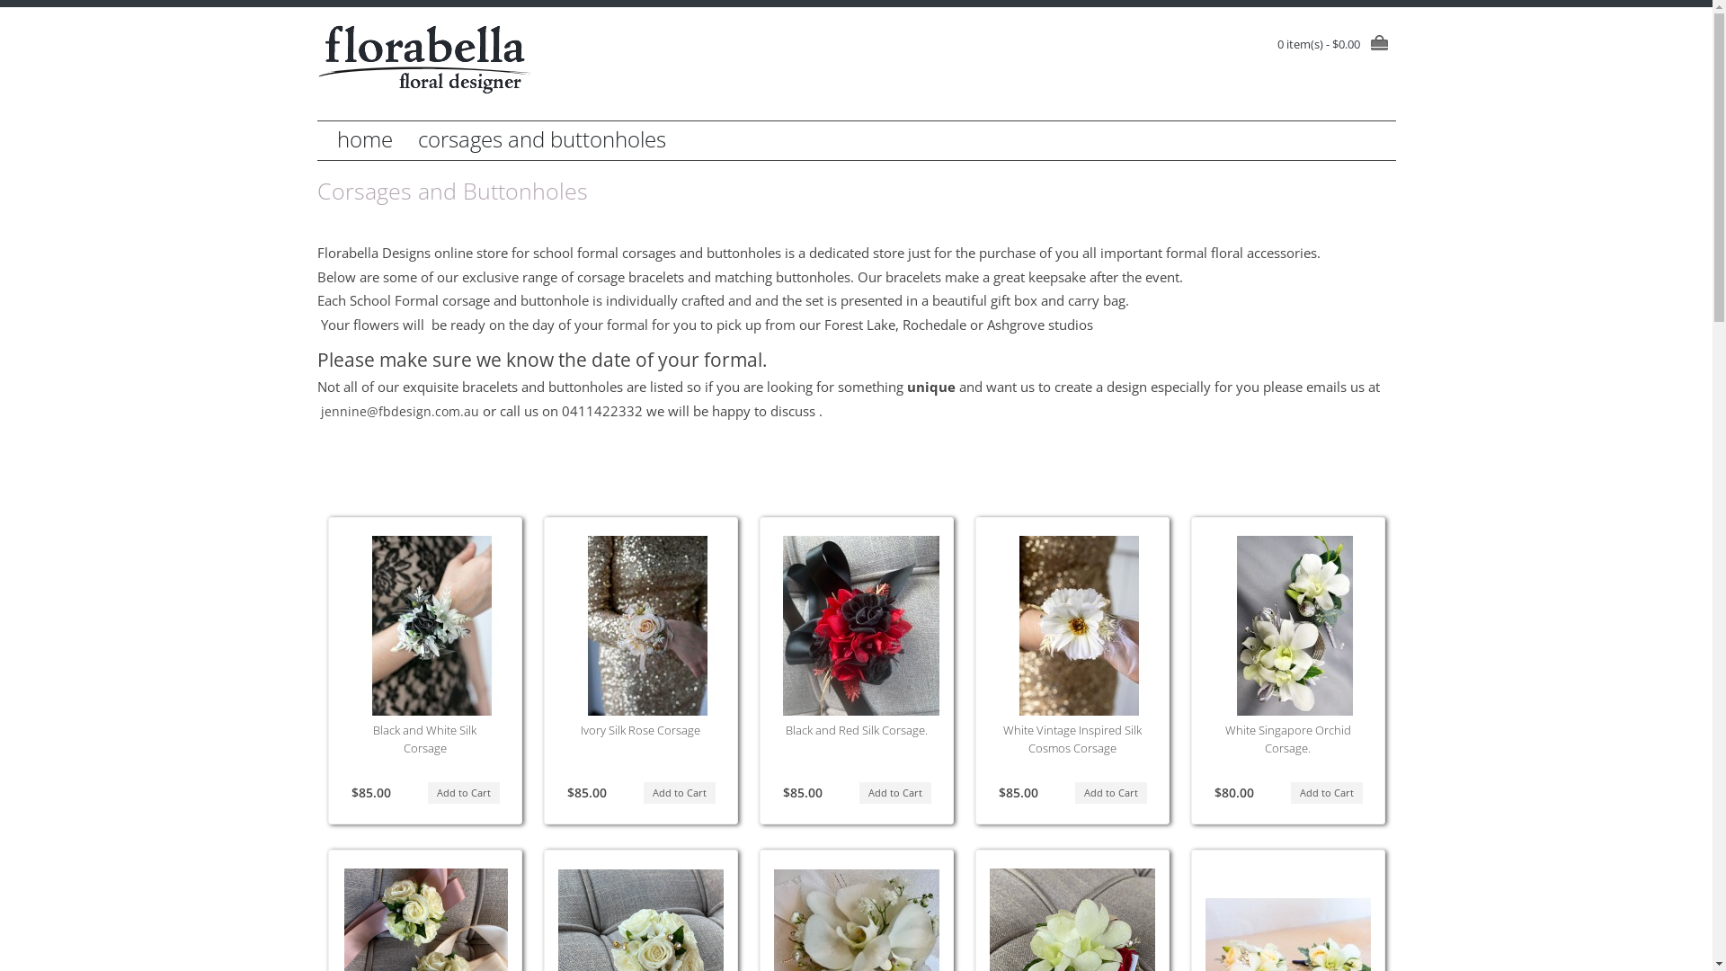  What do you see at coordinates (396, 411) in the screenshot?
I see `' jennine@fbdesign.com.au'` at bounding box center [396, 411].